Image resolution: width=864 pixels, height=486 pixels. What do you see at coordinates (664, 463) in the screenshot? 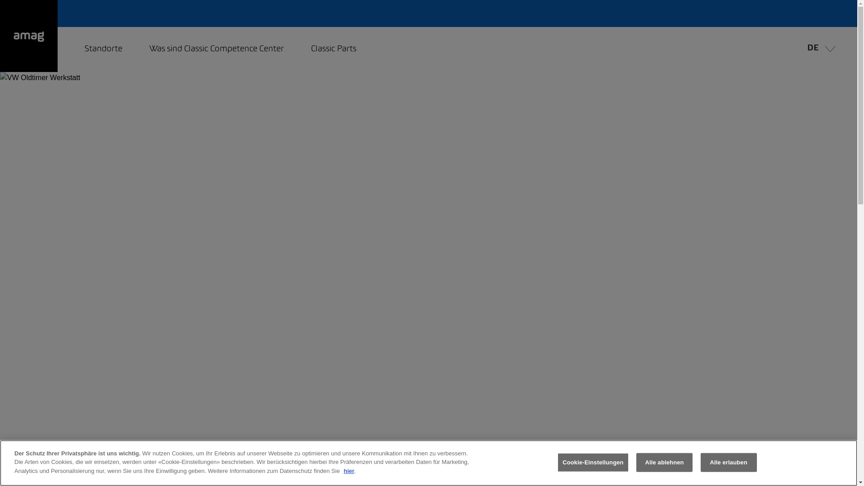
I see `'Alle ablehnen'` at bounding box center [664, 463].